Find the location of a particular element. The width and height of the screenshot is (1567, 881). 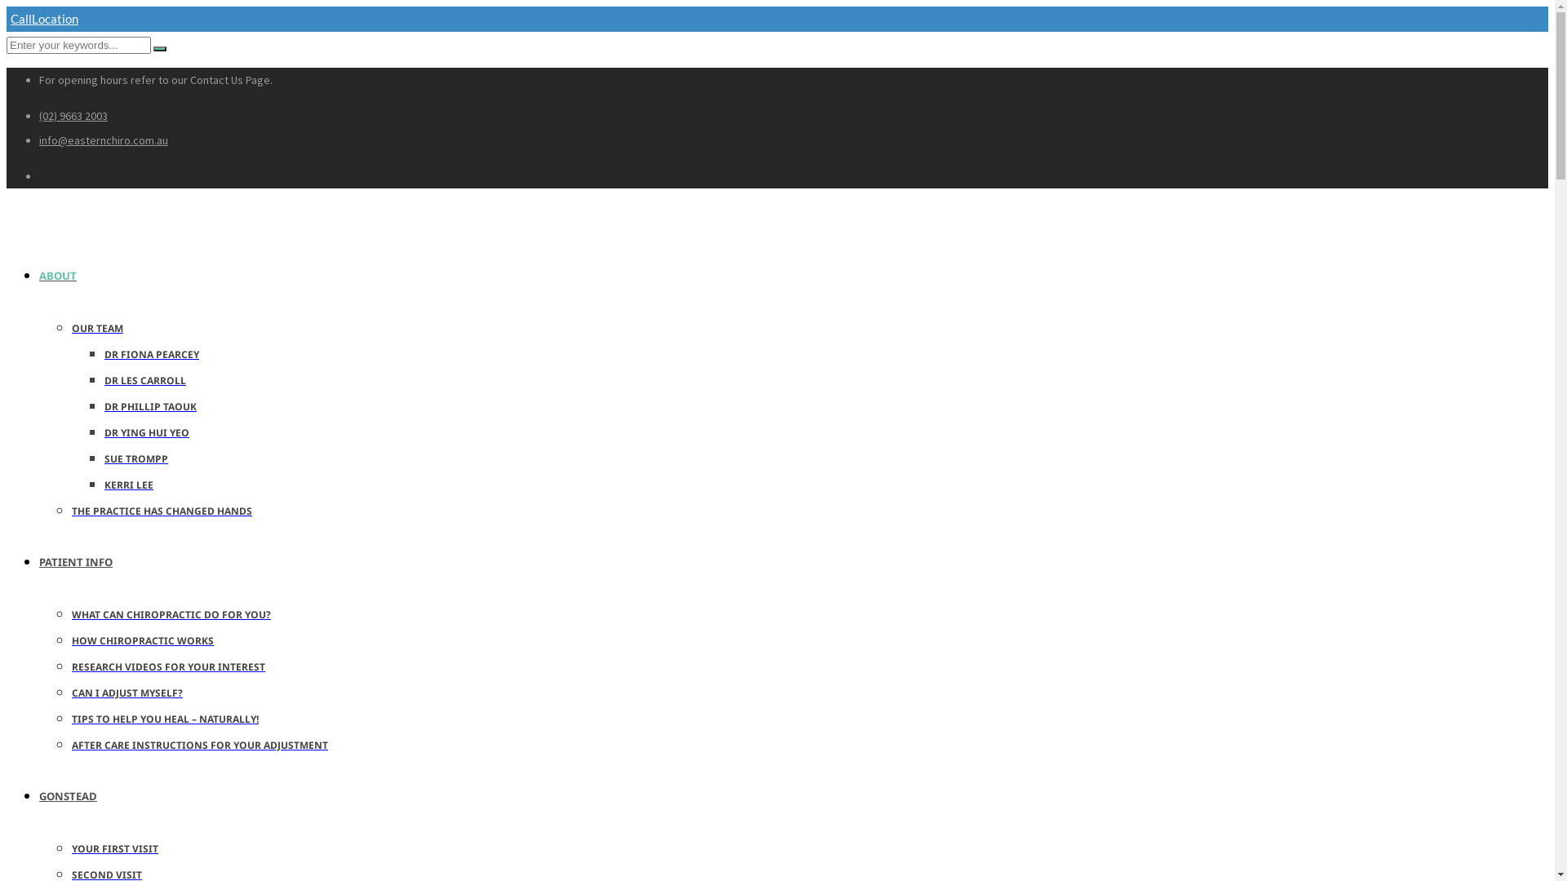

'HOW CHIROPRACTIC WORKS' is located at coordinates (142, 640).